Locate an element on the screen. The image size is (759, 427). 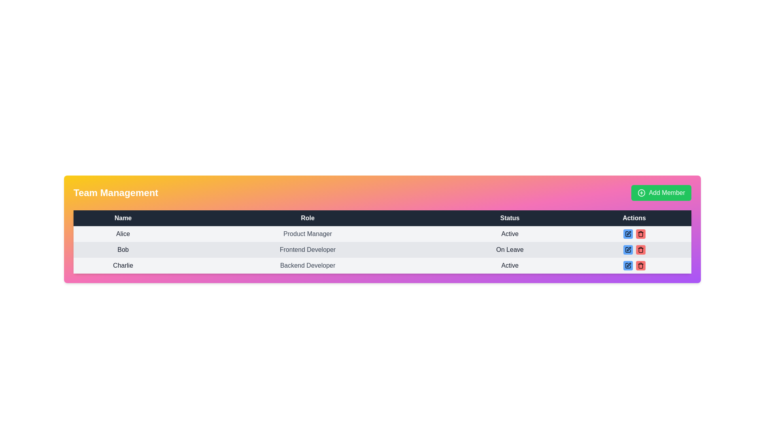
the edit icon button in the Actions column of the user management table for the second user, 'Bob' is located at coordinates (627, 265).